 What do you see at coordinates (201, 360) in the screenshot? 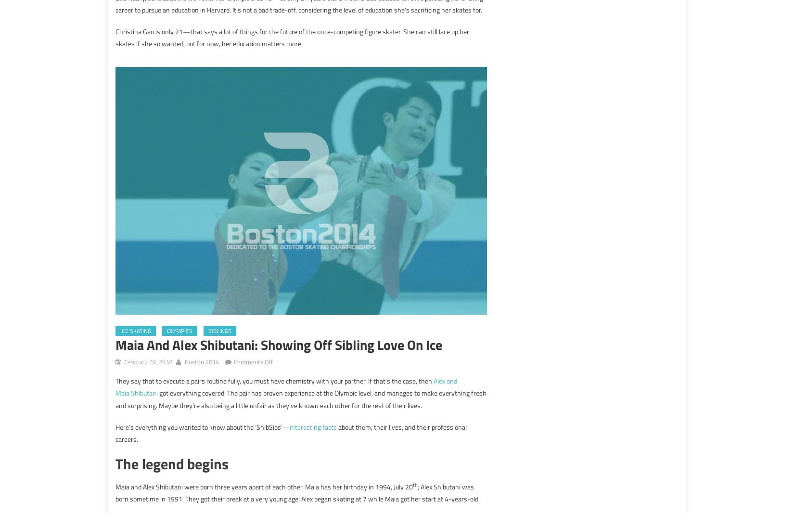
I see `'Boston 2014'` at bounding box center [201, 360].